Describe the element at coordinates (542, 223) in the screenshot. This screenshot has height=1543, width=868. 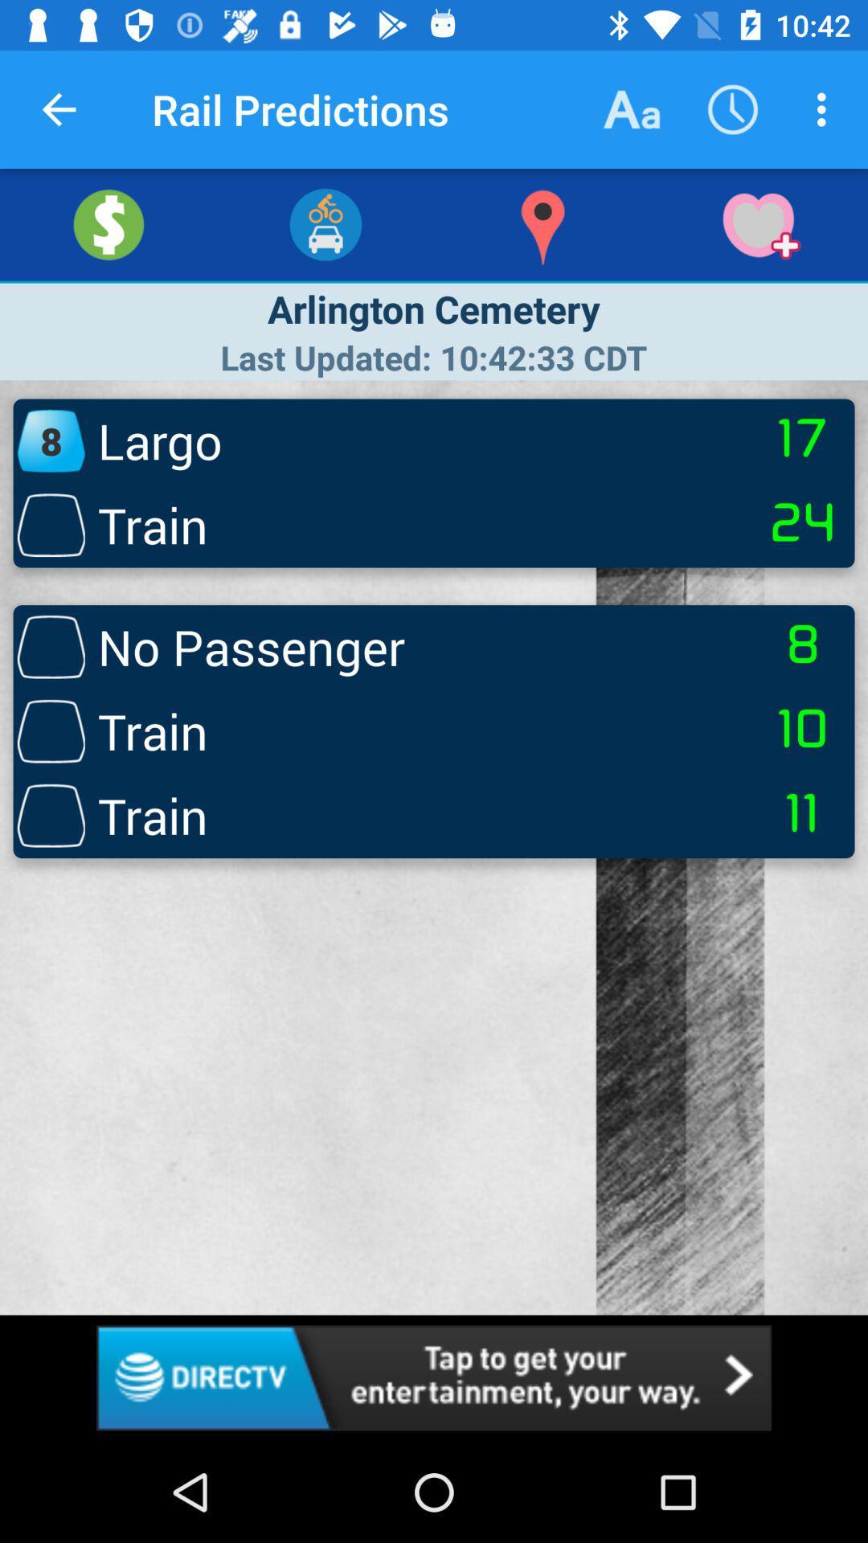
I see `the explore icon` at that location.